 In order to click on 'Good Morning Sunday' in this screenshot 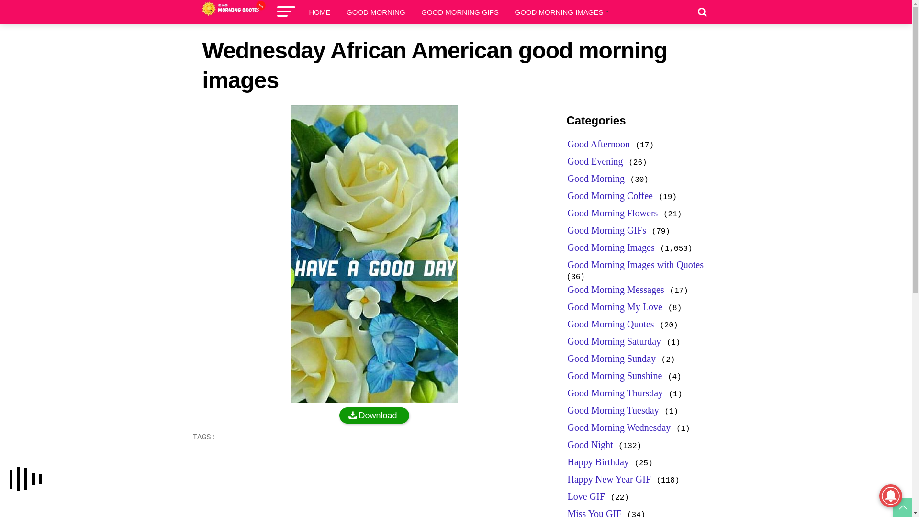, I will do `click(611, 358)`.